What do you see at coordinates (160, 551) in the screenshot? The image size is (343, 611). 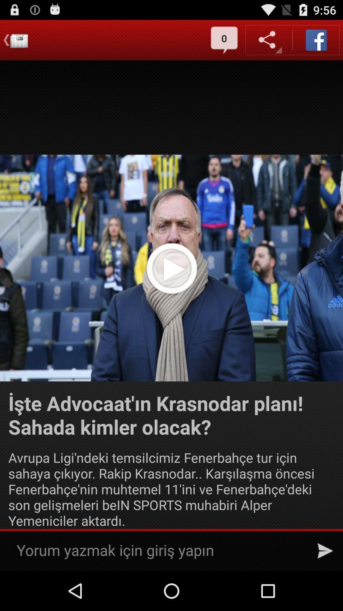 I see `a url or search term to go to here` at bounding box center [160, 551].